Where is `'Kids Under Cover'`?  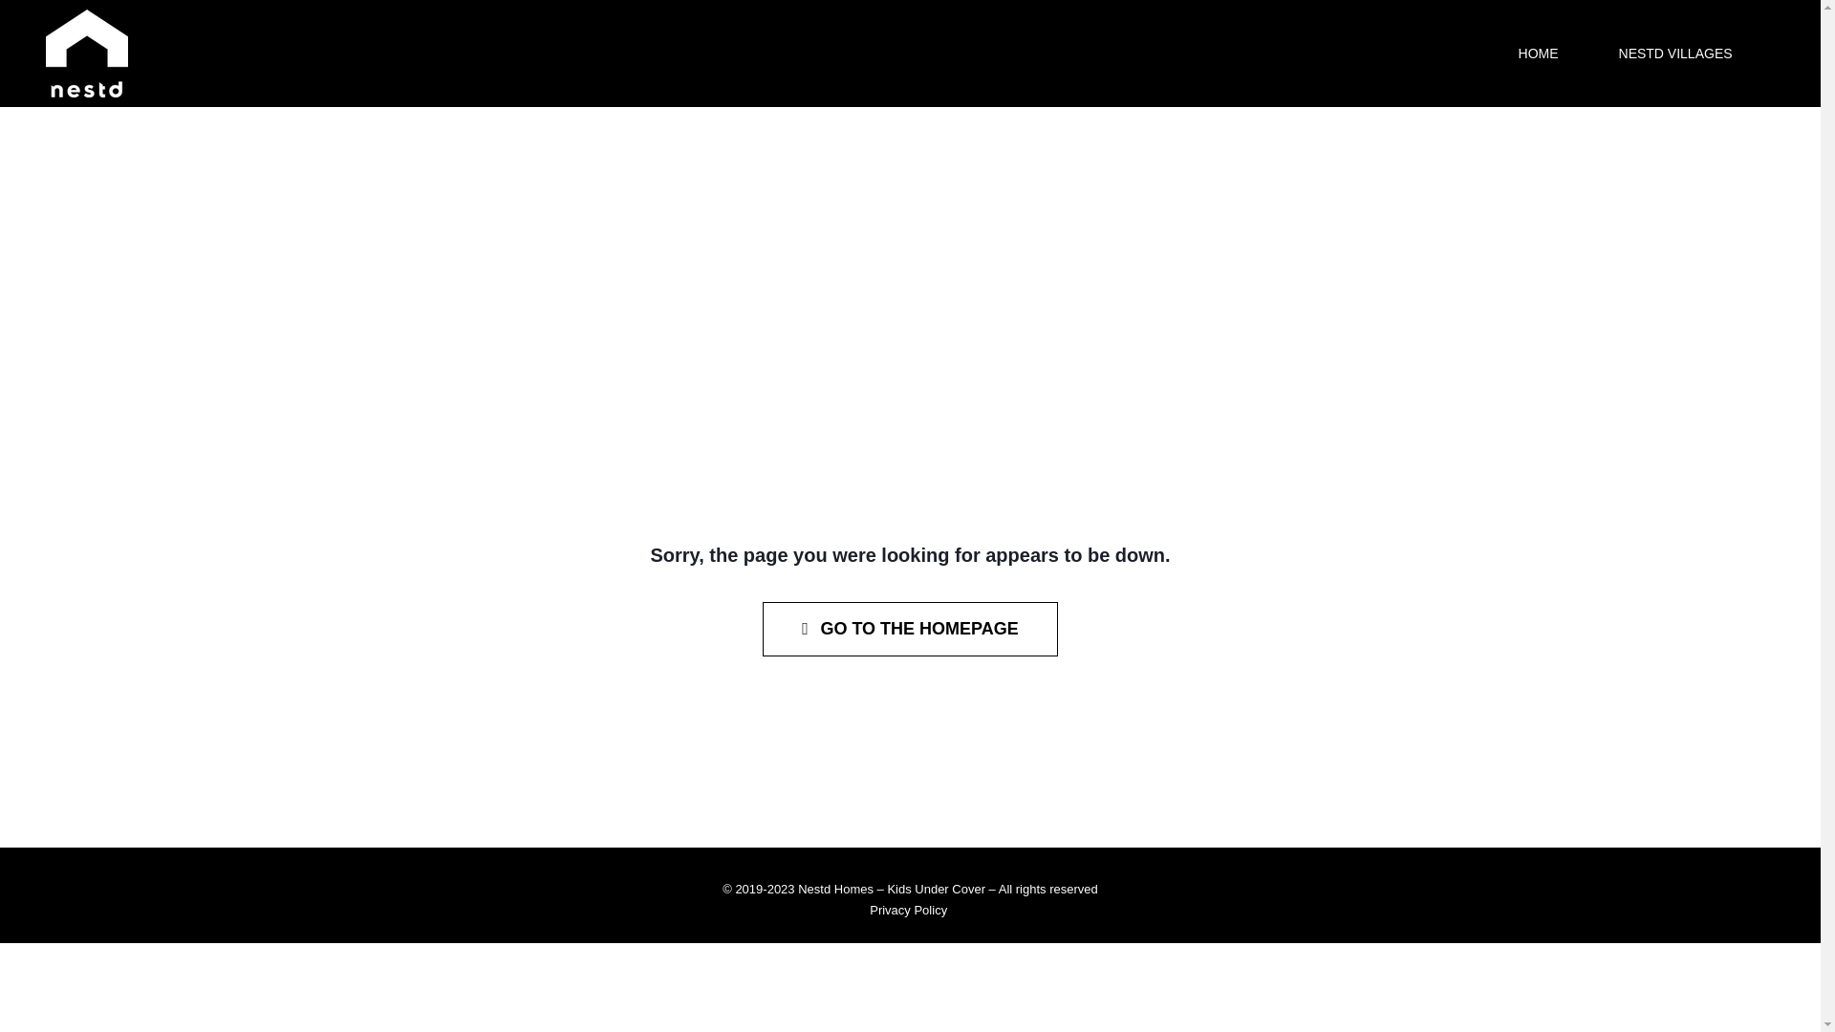
'Kids Under Cover' is located at coordinates (936, 889).